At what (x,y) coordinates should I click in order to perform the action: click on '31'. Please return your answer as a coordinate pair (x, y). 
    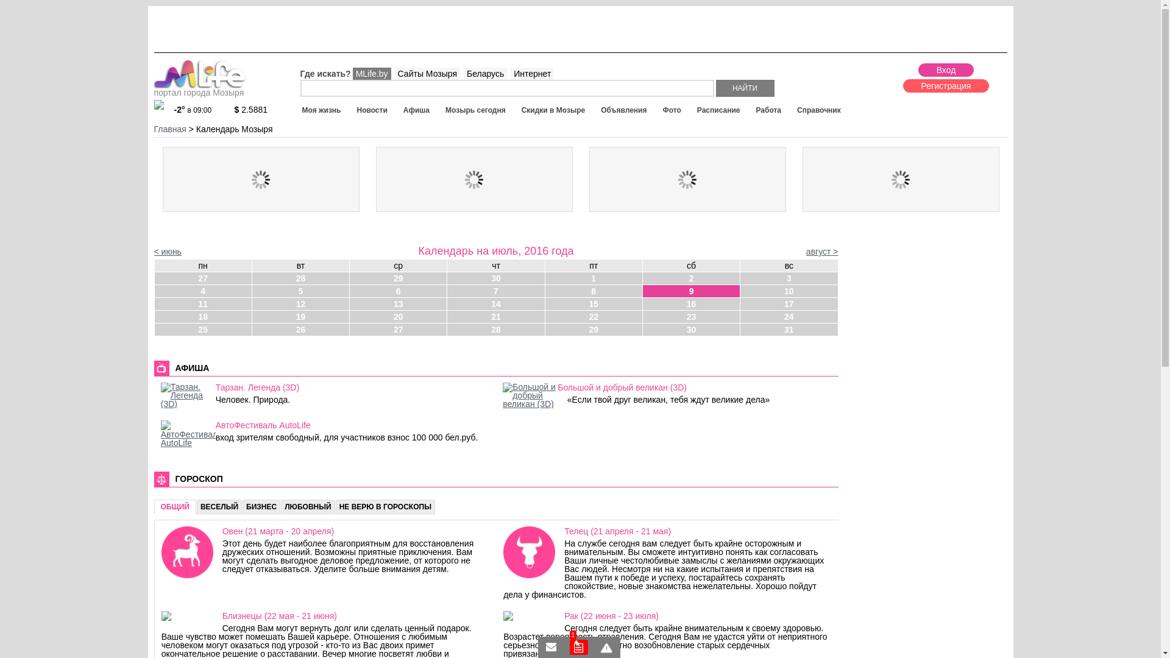
    Looking at the image, I should click on (739, 329).